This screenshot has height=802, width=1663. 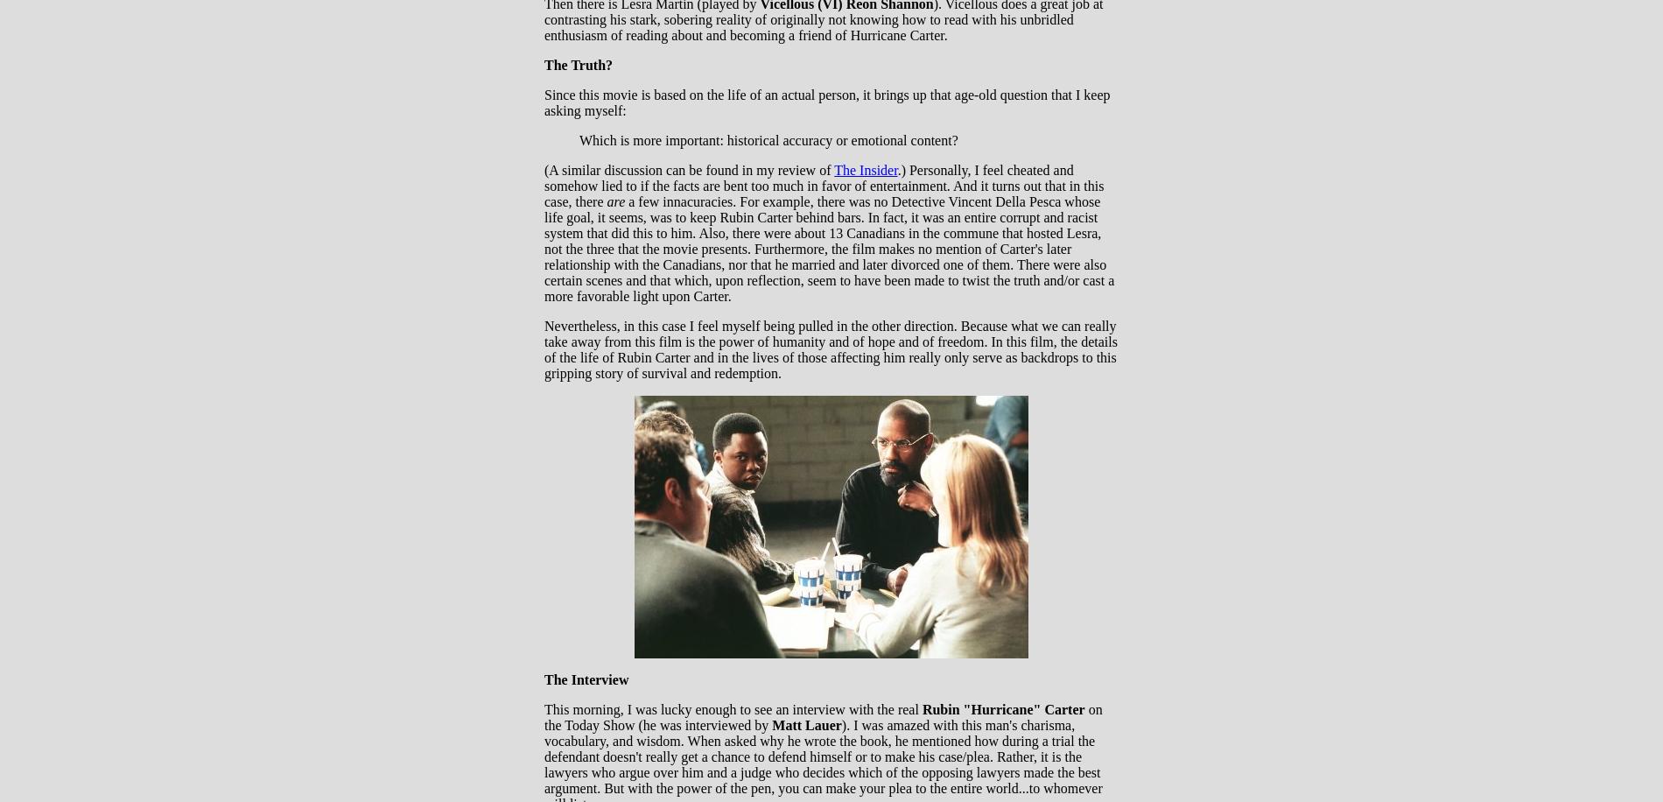 I want to click on 'Matt Lauer', so click(x=805, y=725).